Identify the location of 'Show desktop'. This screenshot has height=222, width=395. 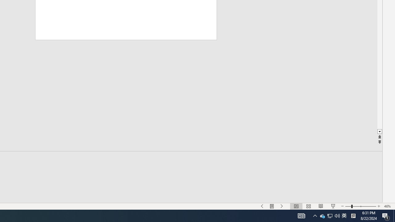
(394, 215).